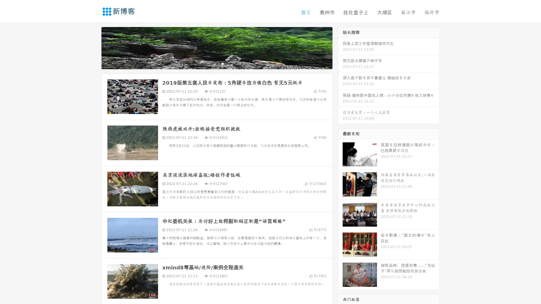 The width and height of the screenshot is (541, 304). Describe the element at coordinates (222, 63) in the screenshot. I see `Go to slide 3` at that location.